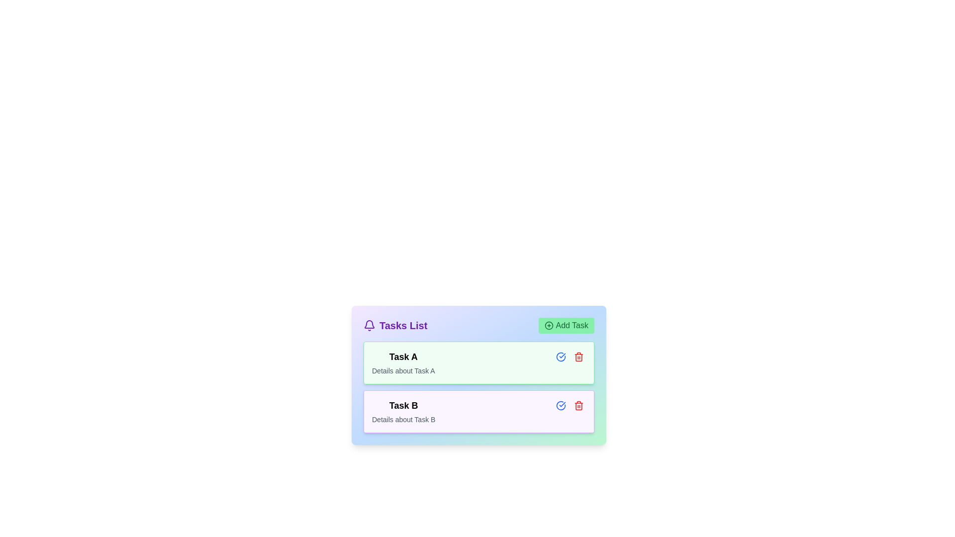  What do you see at coordinates (578, 406) in the screenshot?
I see `the delete button for 'Task B'` at bounding box center [578, 406].